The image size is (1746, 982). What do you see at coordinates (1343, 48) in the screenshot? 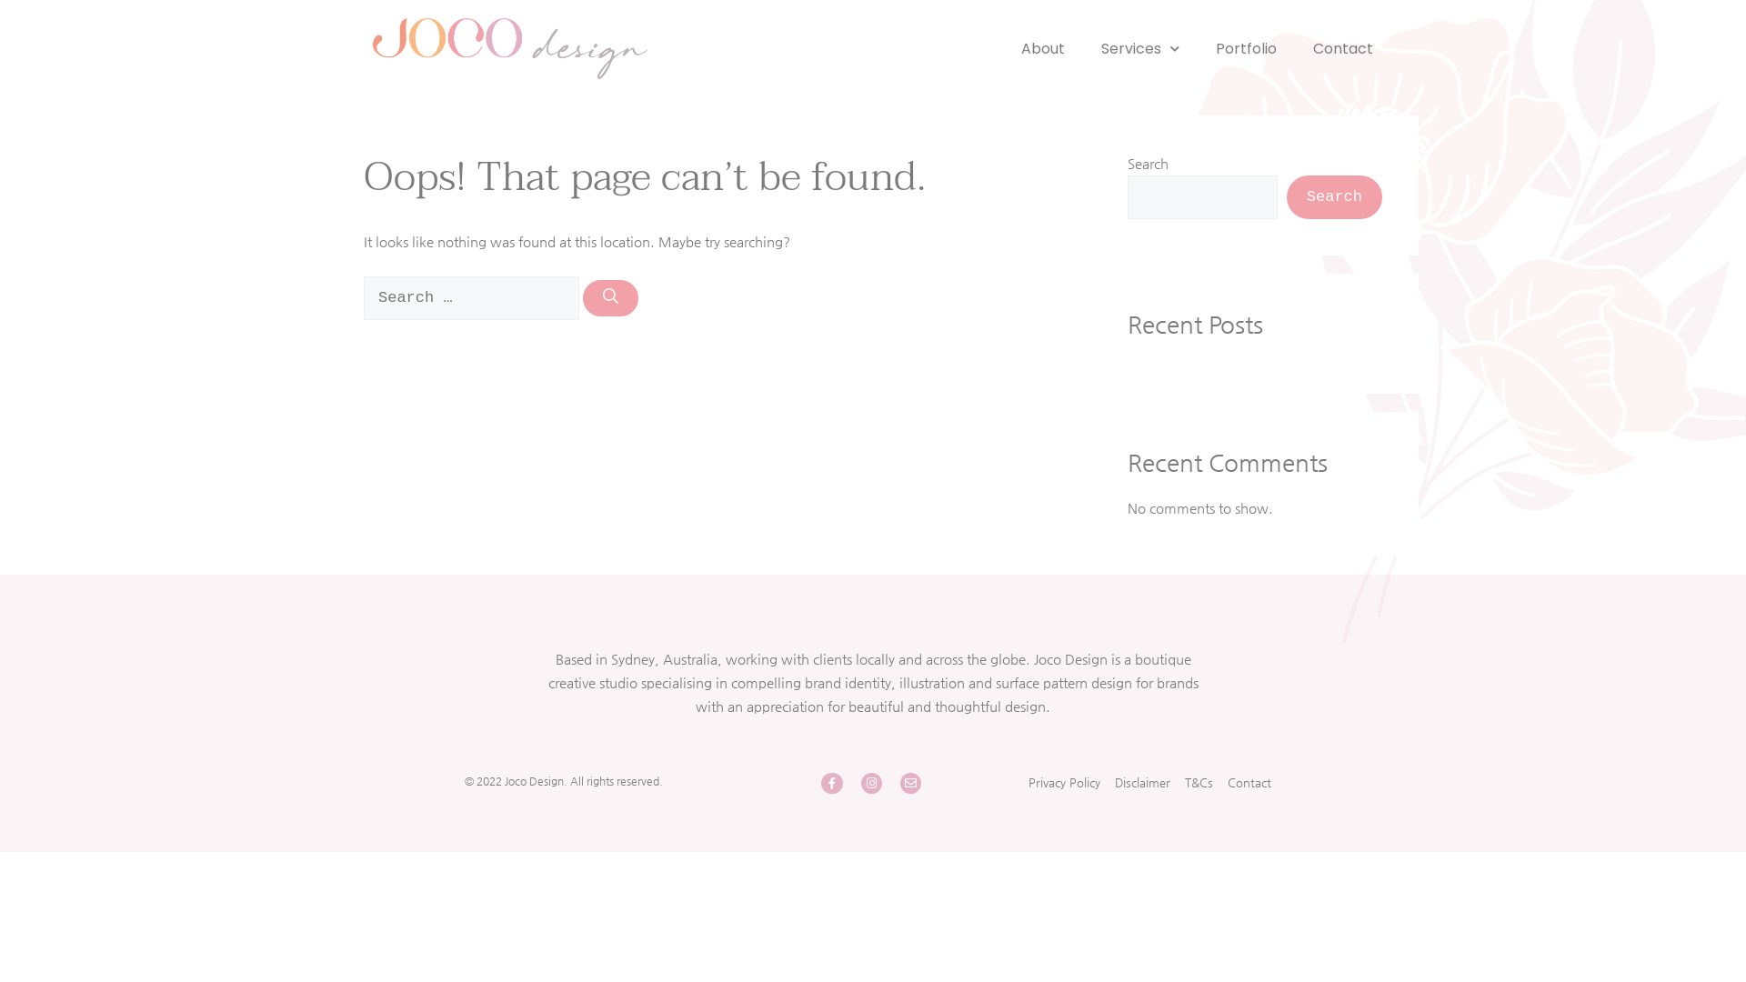
I see `'Contact'` at bounding box center [1343, 48].